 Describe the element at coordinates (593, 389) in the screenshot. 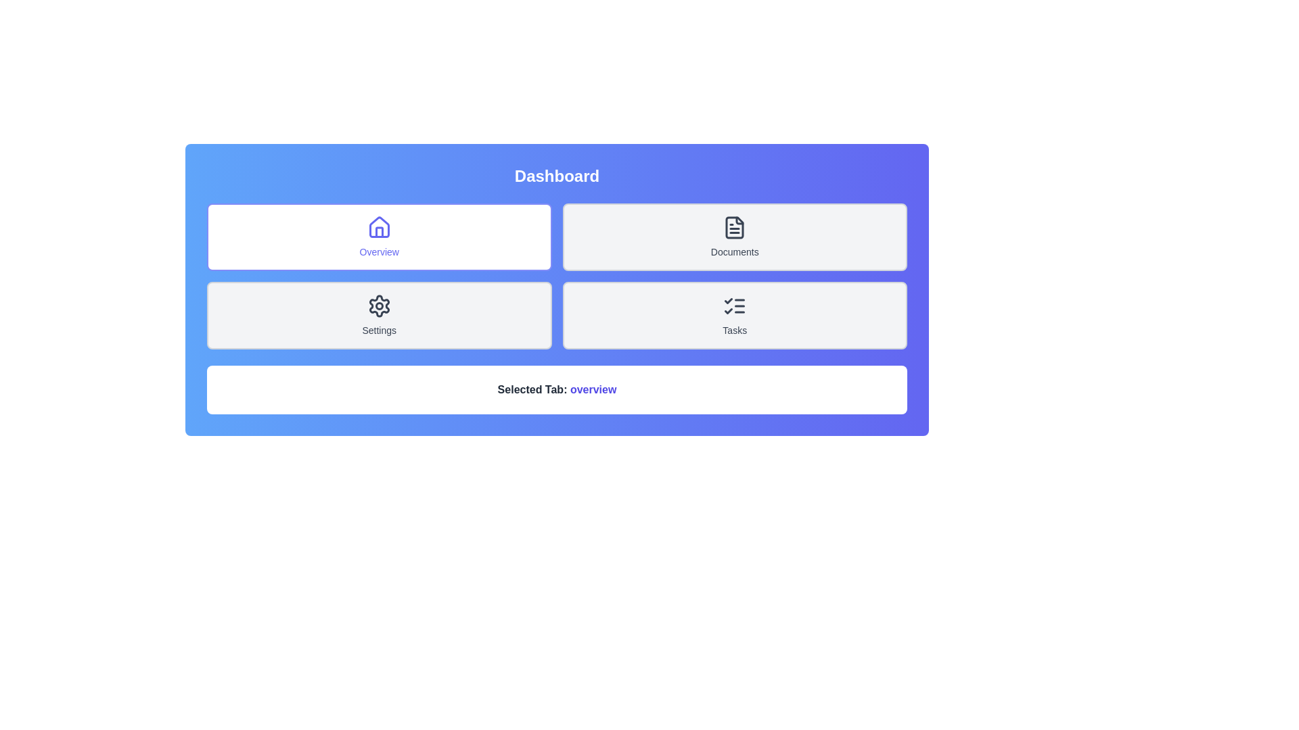

I see `text displayed in the navigation system indicating the currently selected tab, which is shown as 'overview'` at that location.